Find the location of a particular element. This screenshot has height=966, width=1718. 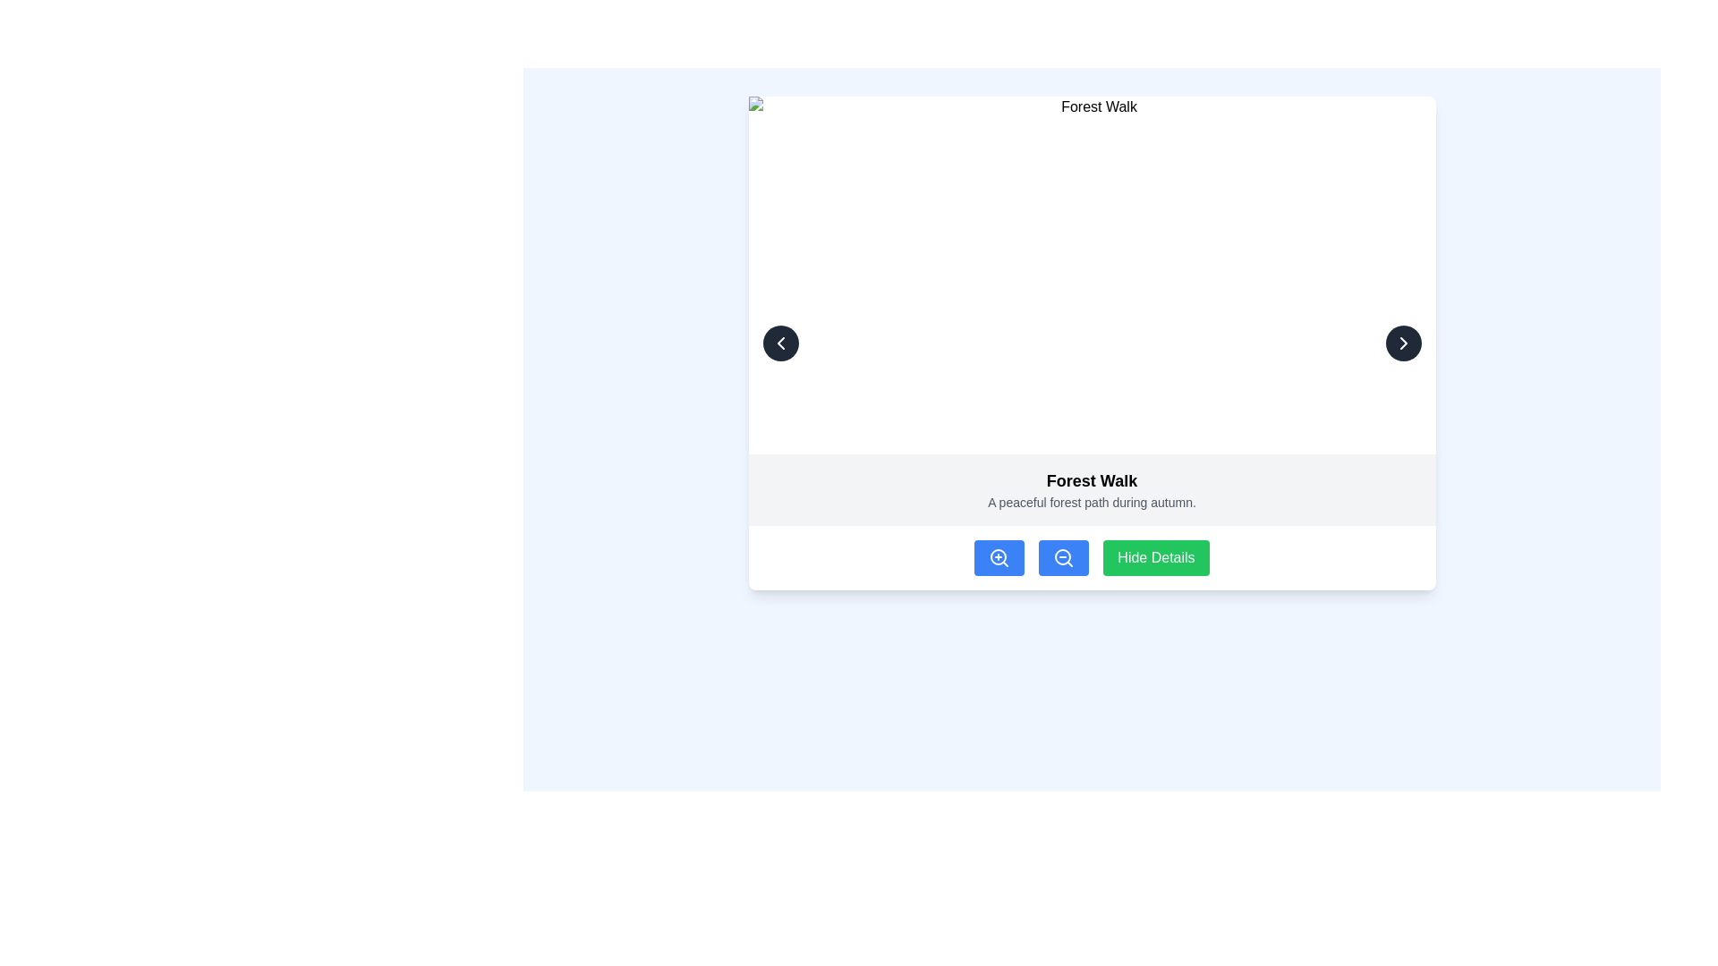

the chevron icon located within the left arrow button at the top-left corner of the central content area by moving the mouse pointer to it is located at coordinates (780, 343).